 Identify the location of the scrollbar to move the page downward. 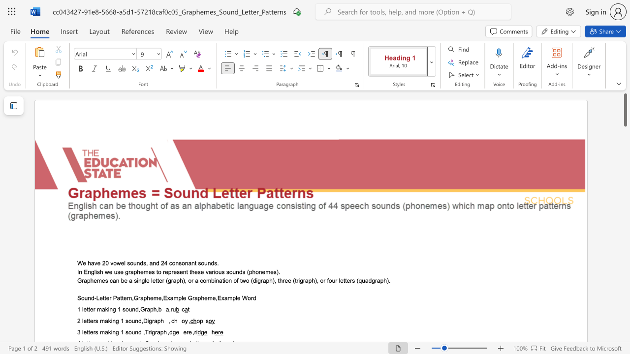
(625, 177).